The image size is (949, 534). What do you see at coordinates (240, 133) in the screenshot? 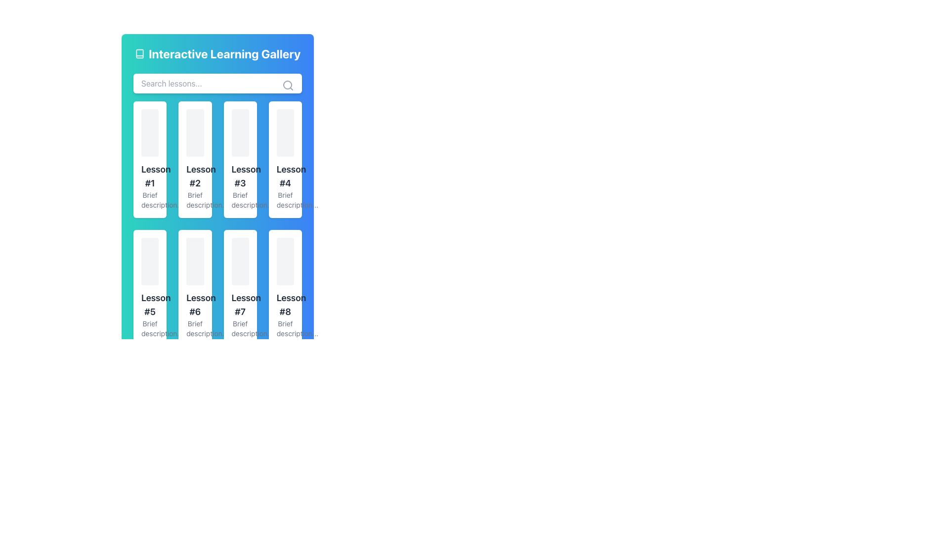
I see `the topmost, centrally-aligned rectangle within the card labeled 'Lesson #3', which serves as a placeholder for graphical content` at bounding box center [240, 133].